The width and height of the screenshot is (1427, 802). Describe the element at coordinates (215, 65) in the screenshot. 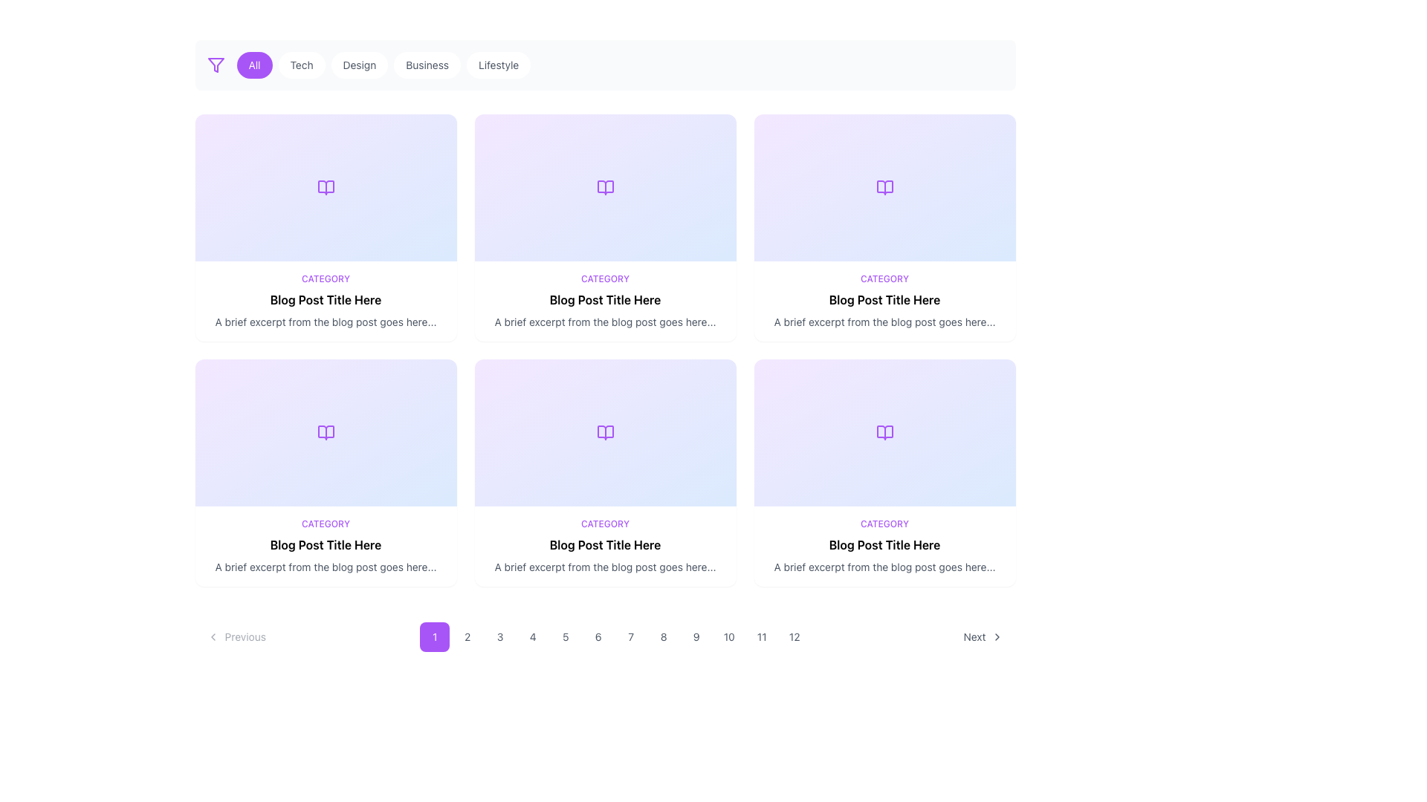

I see `the triangular funnel-shaped icon with a purple outline located at the top left section of the interface` at that location.